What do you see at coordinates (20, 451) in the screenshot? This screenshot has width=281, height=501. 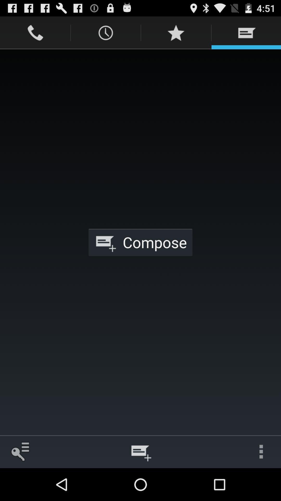 I see `item at the bottom left corner` at bounding box center [20, 451].